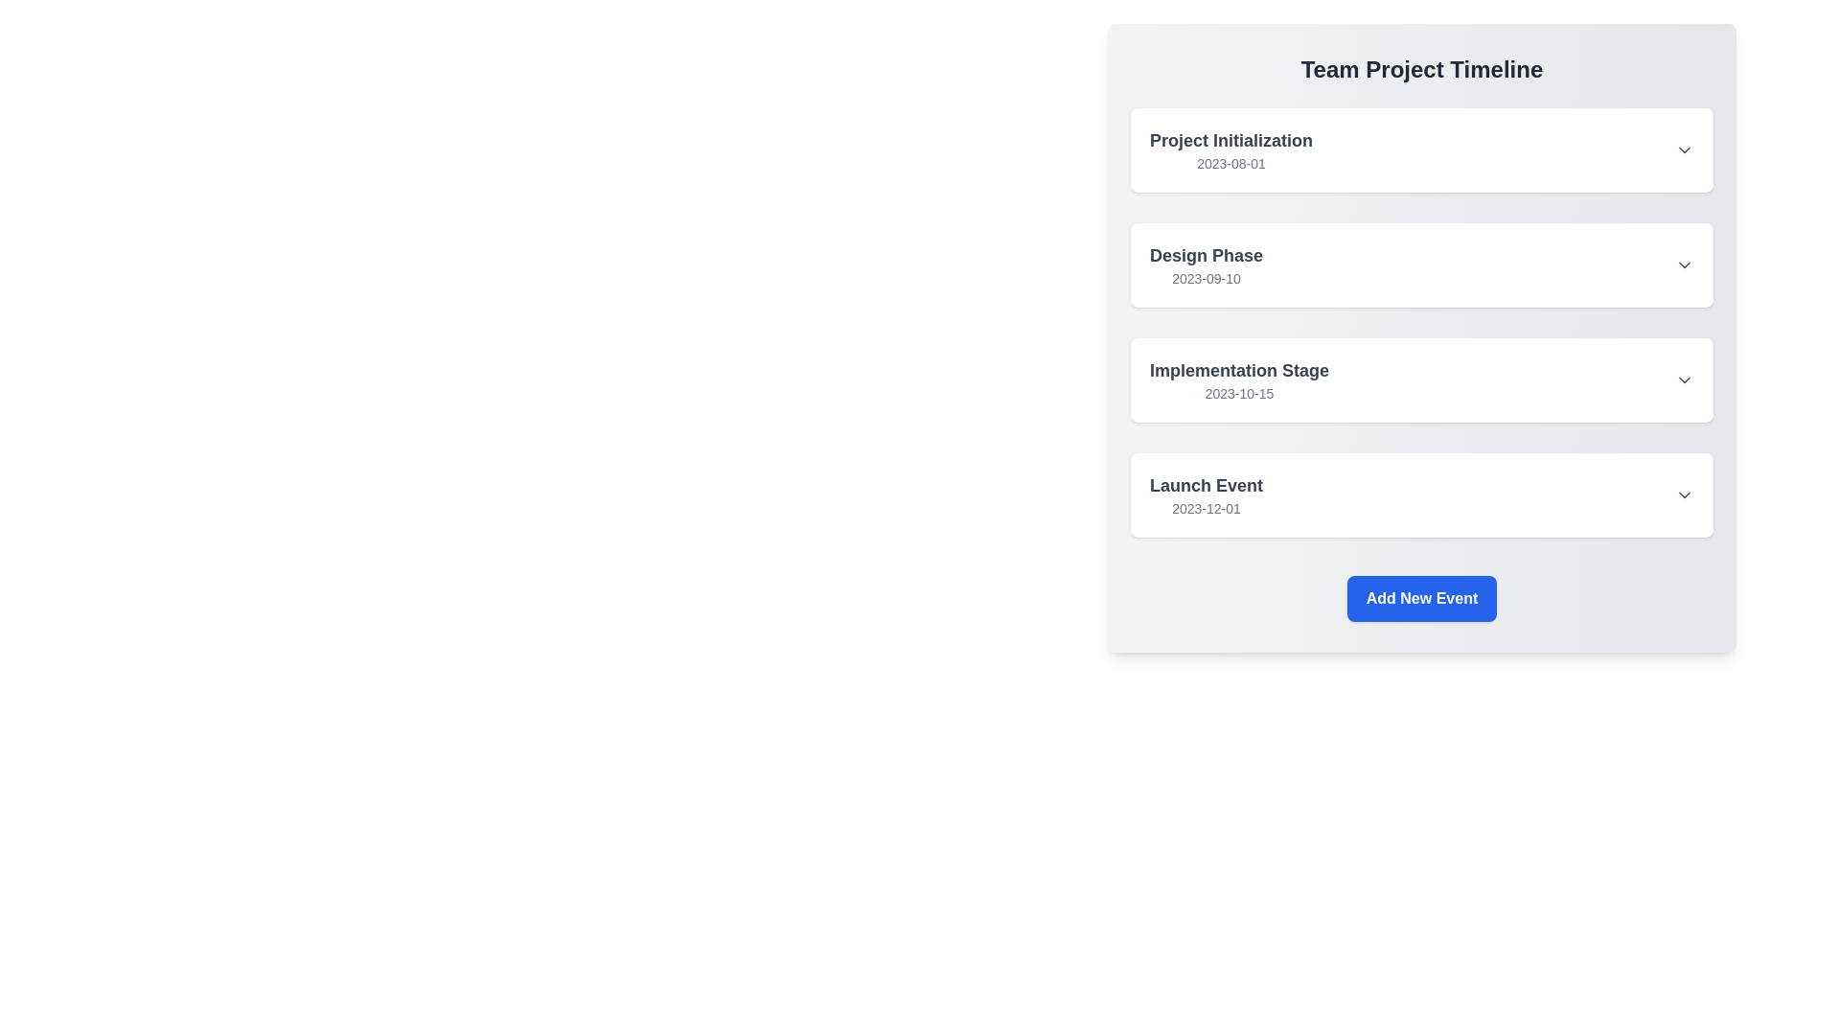  What do you see at coordinates (1239, 393) in the screenshot?
I see `the date label '2023-10-15' located below the heading 'Implementation Stage', which is centered in its section` at bounding box center [1239, 393].